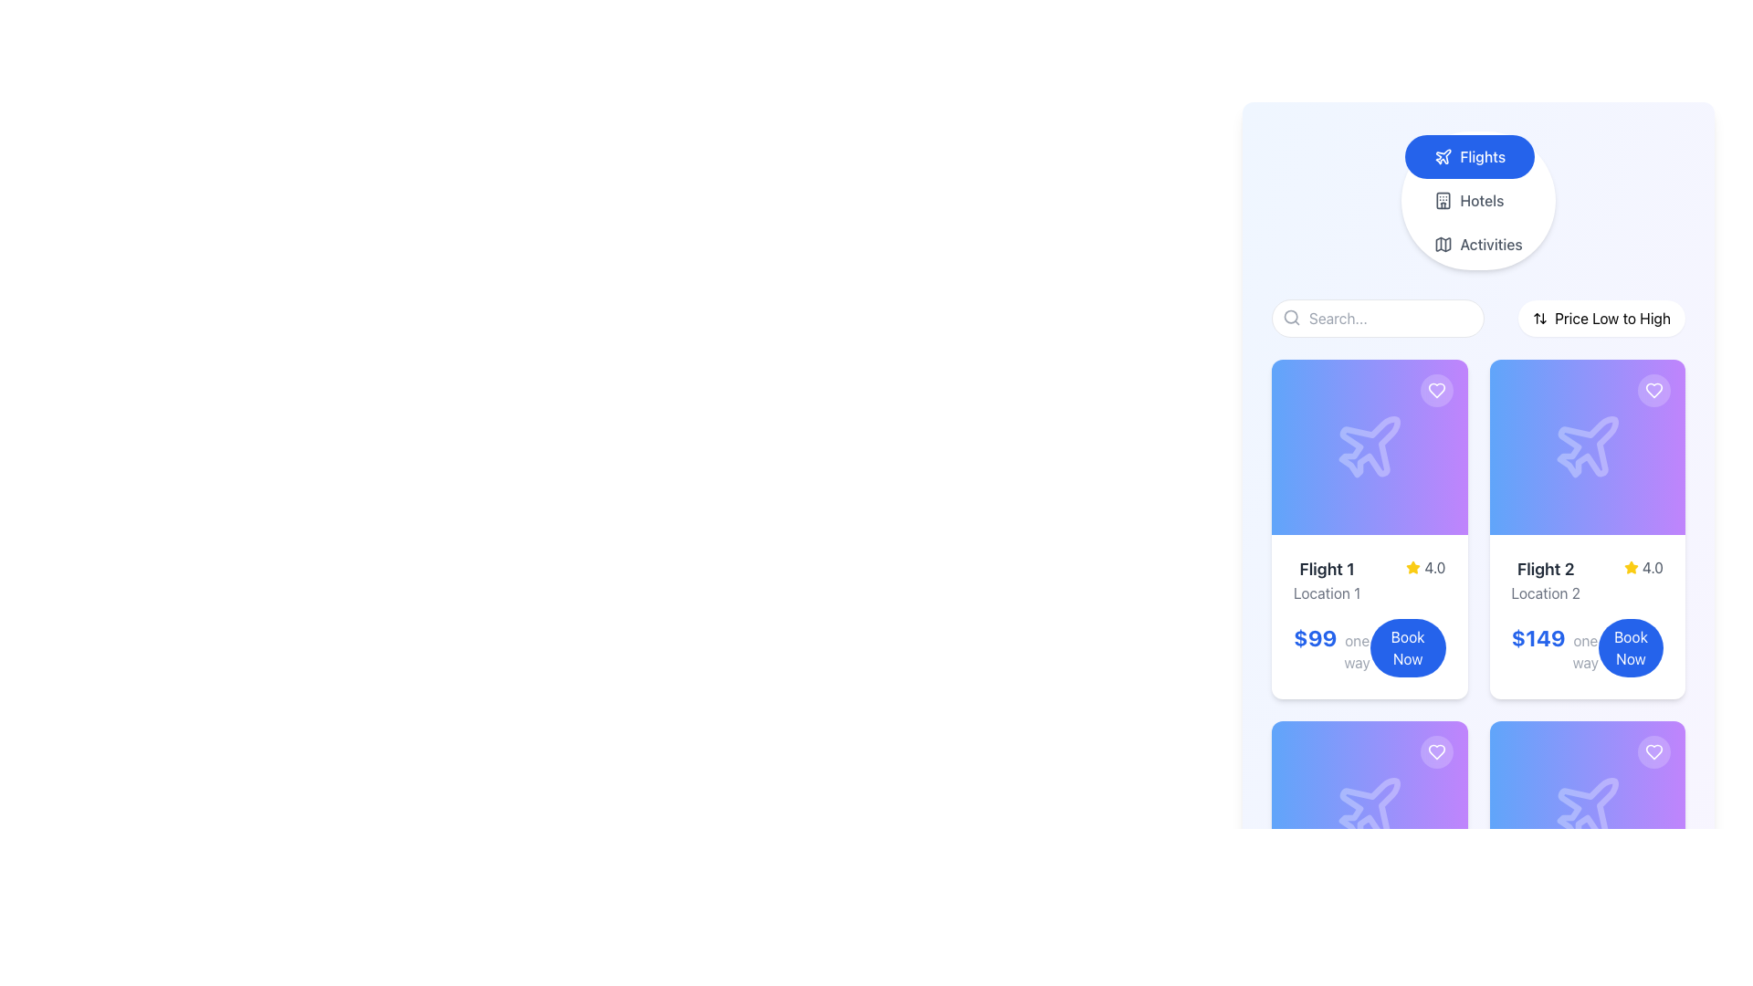 This screenshot has width=1753, height=986. What do you see at coordinates (1586, 808) in the screenshot?
I see `the SVG graphic of a plane icon, which is located in the last card of the second row in a 2x2 grid layout, centered near the top of the card, just below the heart icon in the top-right corner` at bounding box center [1586, 808].